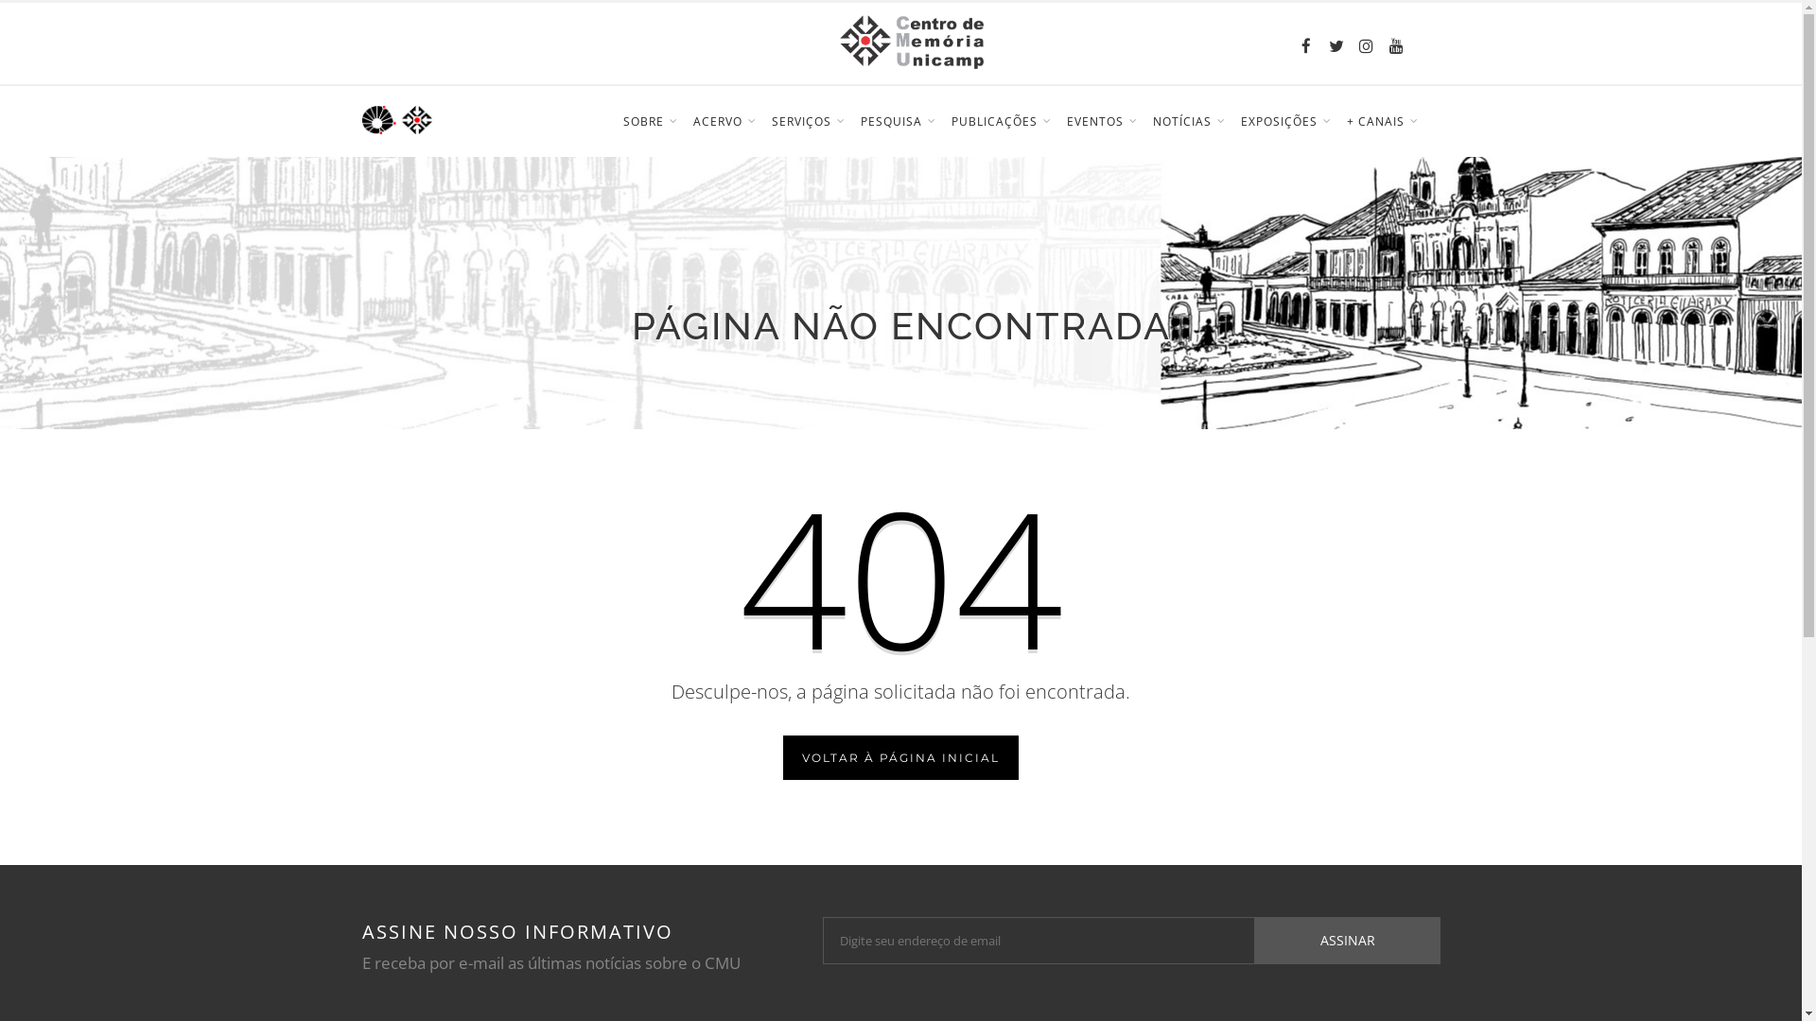 This screenshot has width=1816, height=1021. I want to click on 'Instagram', so click(1366, 43).